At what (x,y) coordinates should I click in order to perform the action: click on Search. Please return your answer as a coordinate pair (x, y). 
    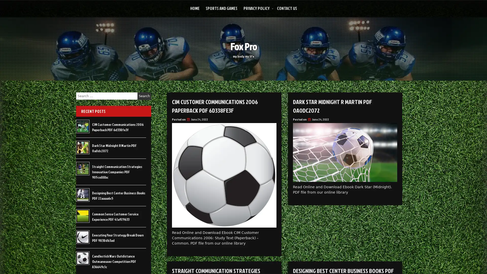
    Looking at the image, I should click on (144, 96).